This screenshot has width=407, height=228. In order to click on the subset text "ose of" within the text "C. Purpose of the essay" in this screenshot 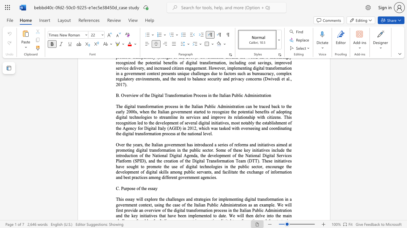, I will do `click(129, 188)`.